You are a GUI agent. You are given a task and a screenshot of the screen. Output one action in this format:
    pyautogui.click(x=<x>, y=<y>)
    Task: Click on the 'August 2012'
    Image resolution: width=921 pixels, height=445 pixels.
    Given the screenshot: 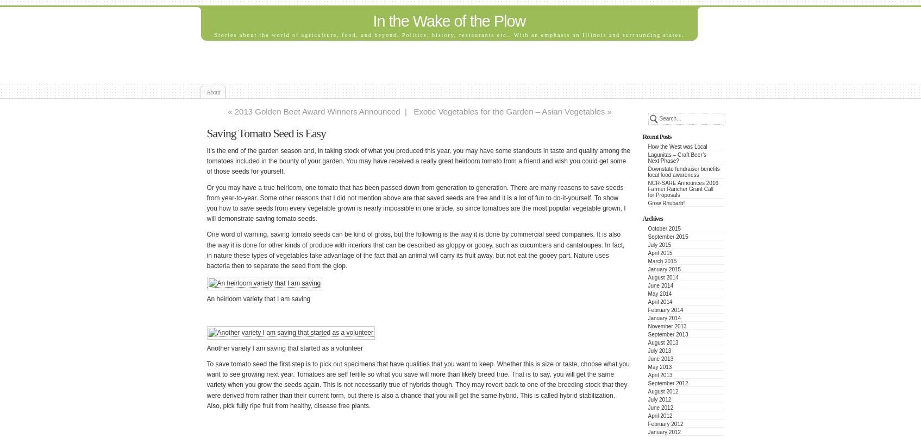 What is the action you would take?
    pyautogui.click(x=663, y=391)
    